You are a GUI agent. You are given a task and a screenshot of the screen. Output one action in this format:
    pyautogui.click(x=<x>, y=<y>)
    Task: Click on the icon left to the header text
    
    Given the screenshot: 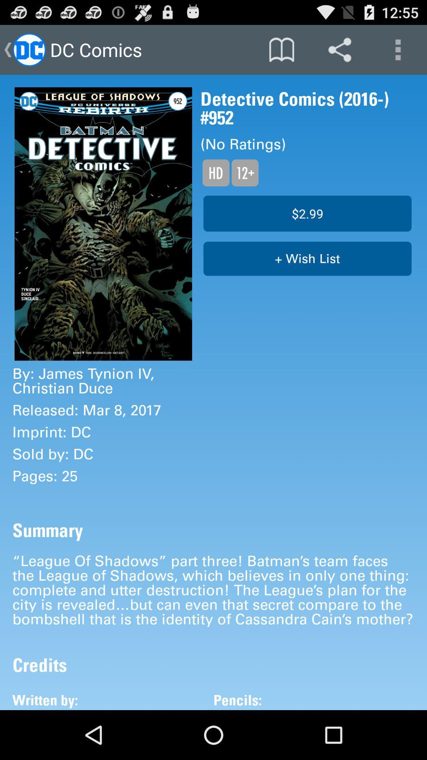 What is the action you would take?
    pyautogui.click(x=28, y=49)
    